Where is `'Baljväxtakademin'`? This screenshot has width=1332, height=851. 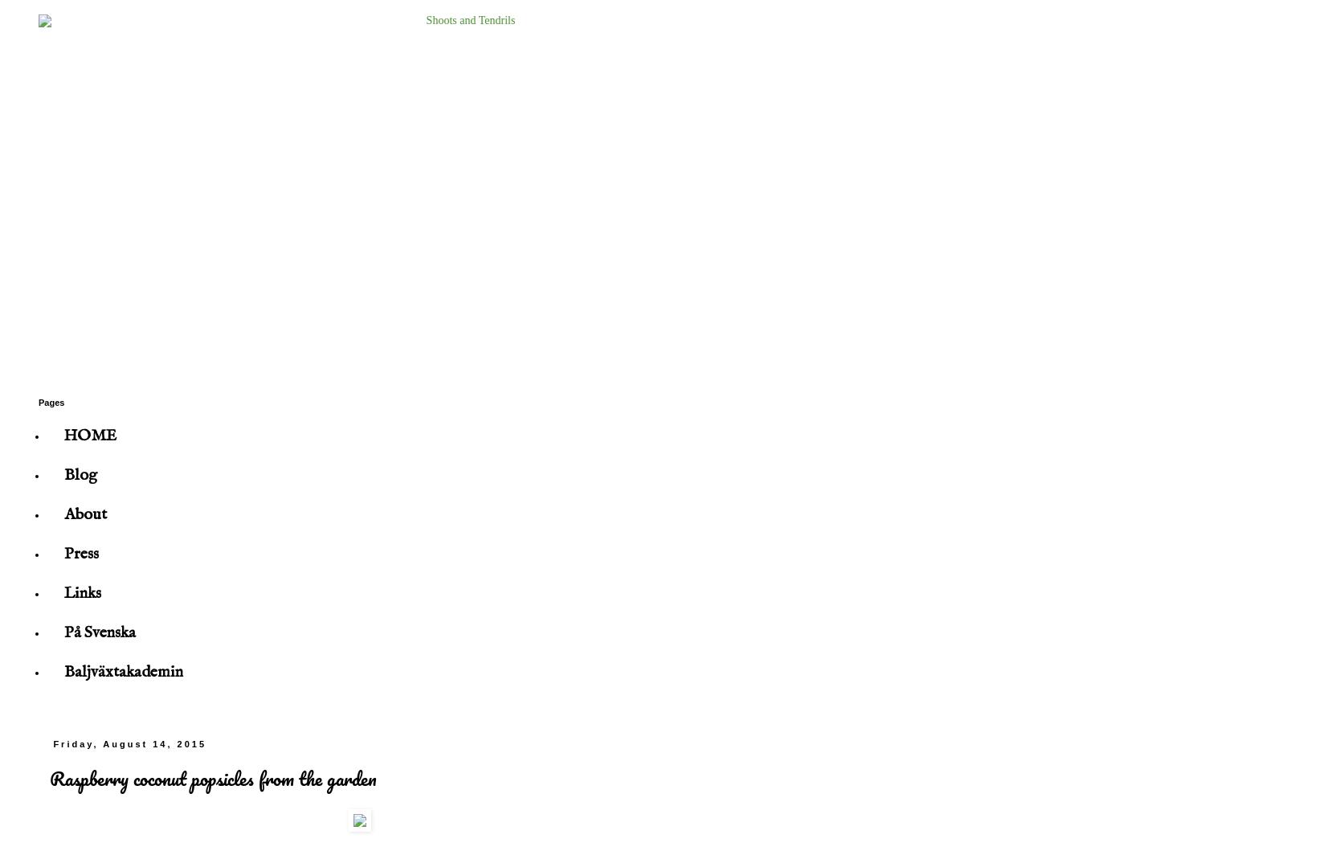
'Baljväxtakademin' is located at coordinates (124, 671).